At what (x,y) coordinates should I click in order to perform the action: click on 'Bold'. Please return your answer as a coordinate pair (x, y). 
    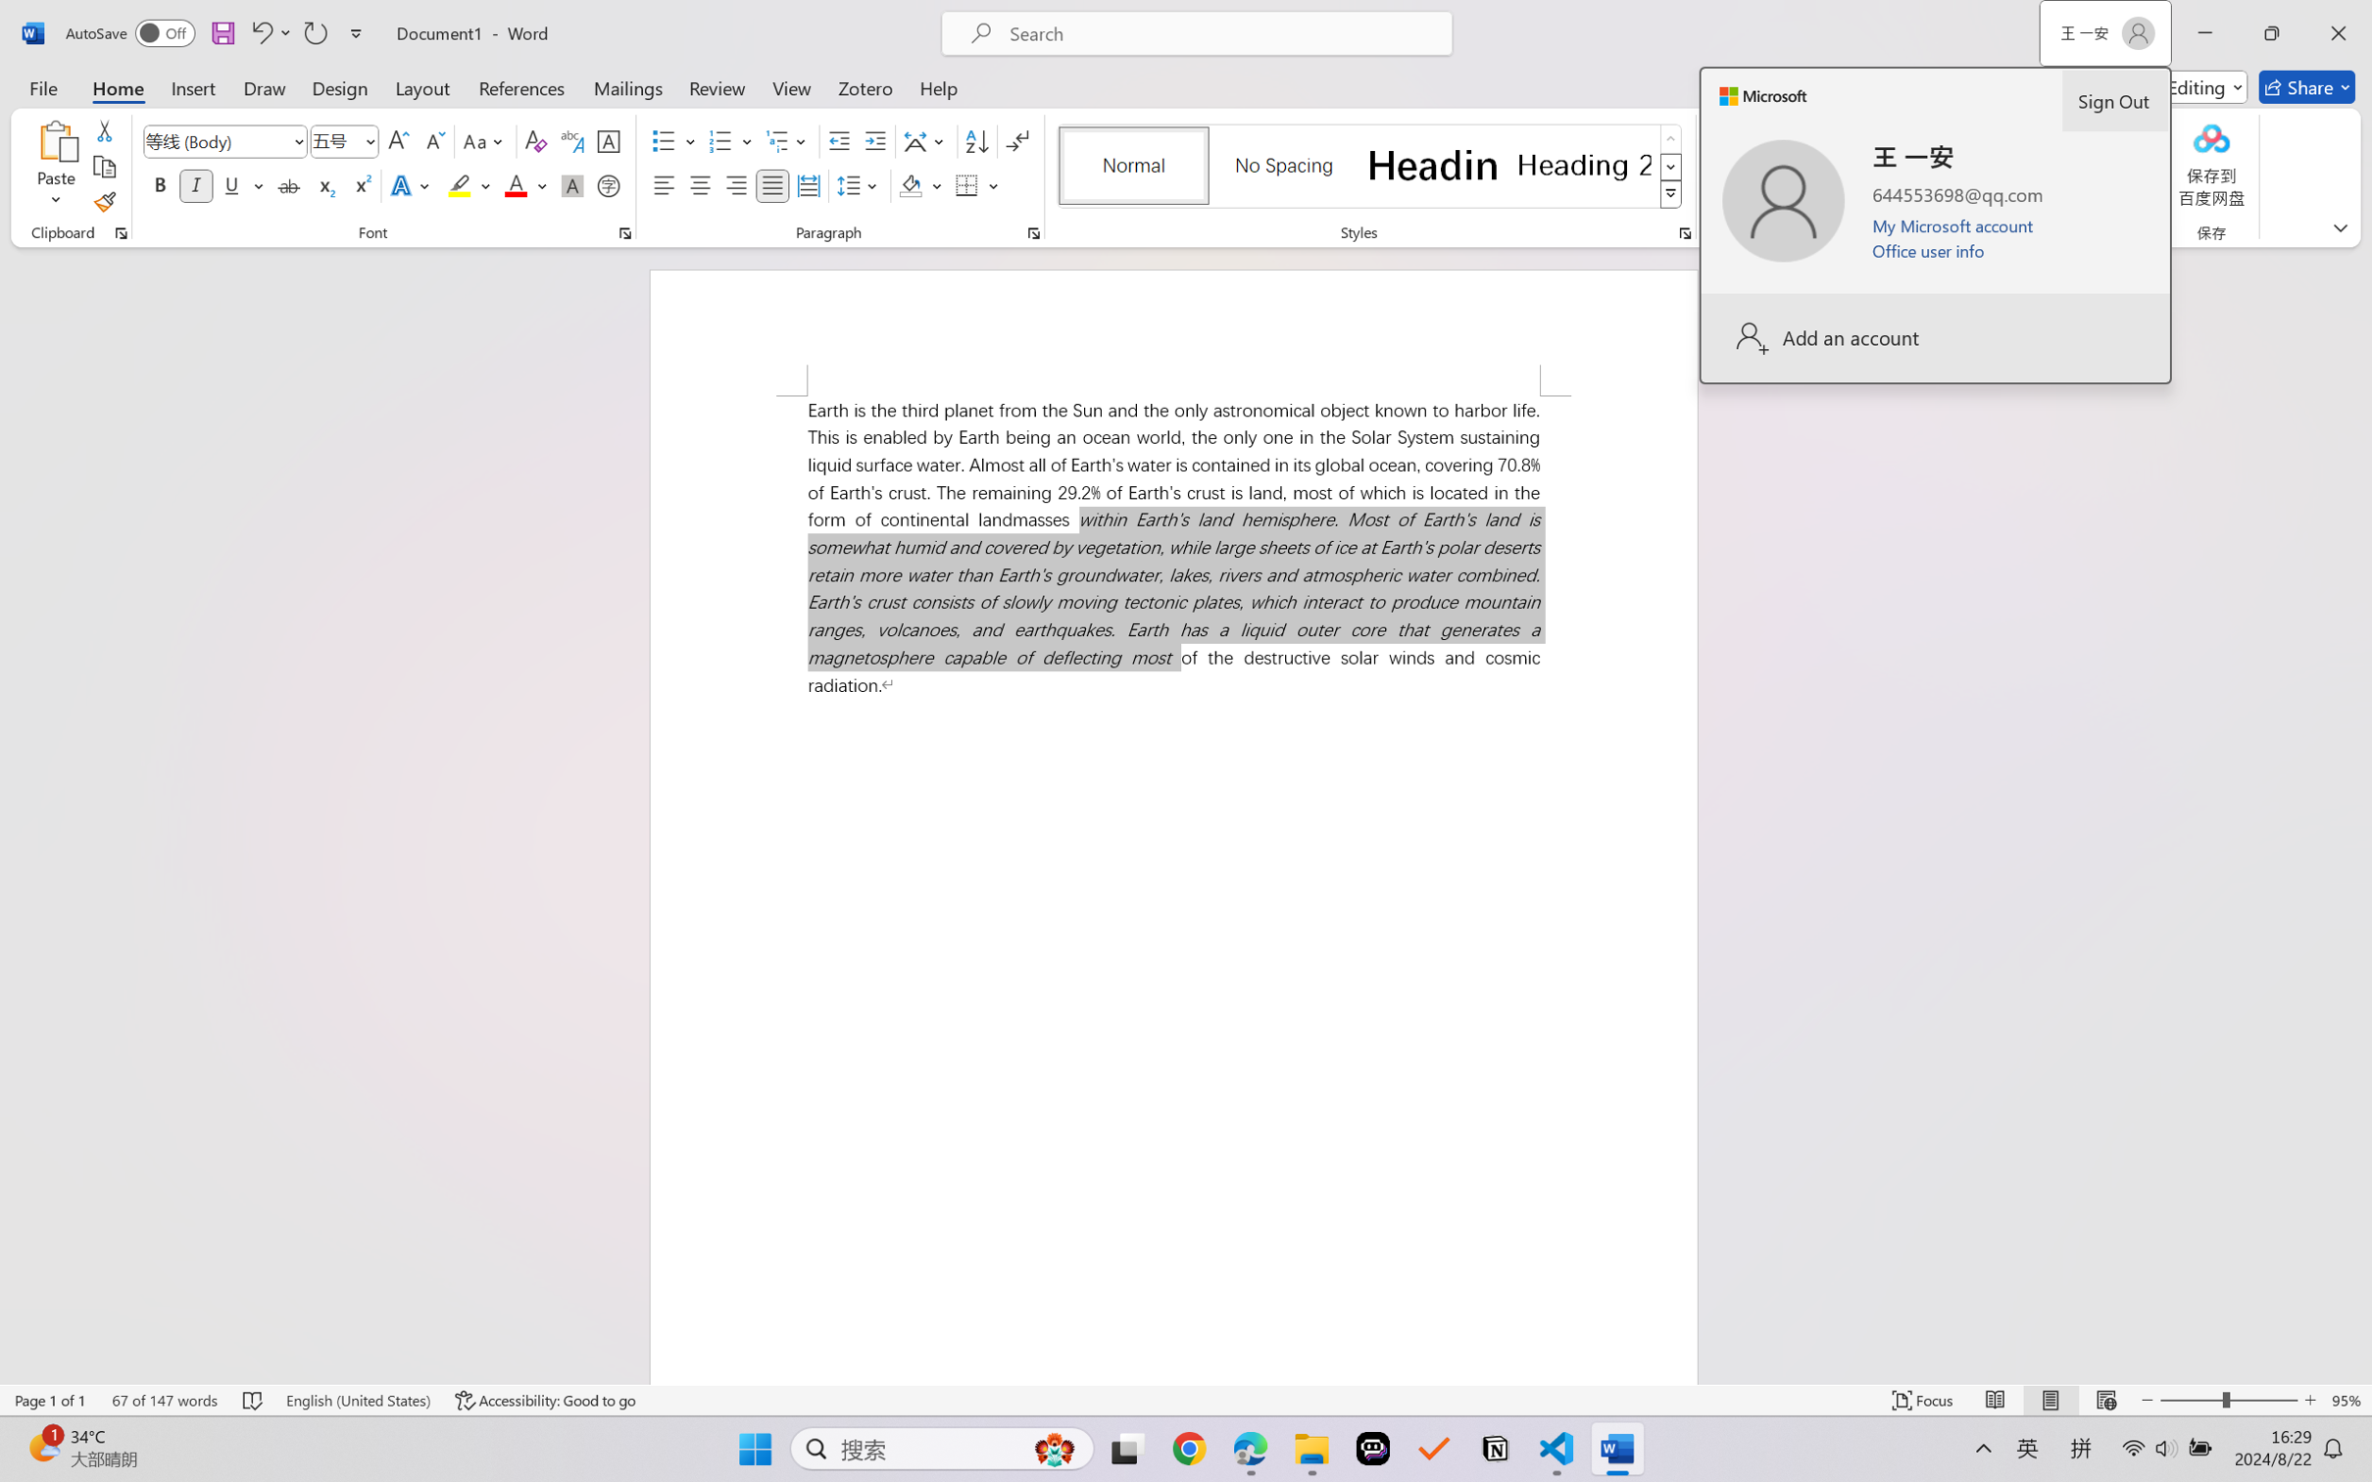
    Looking at the image, I should click on (161, 184).